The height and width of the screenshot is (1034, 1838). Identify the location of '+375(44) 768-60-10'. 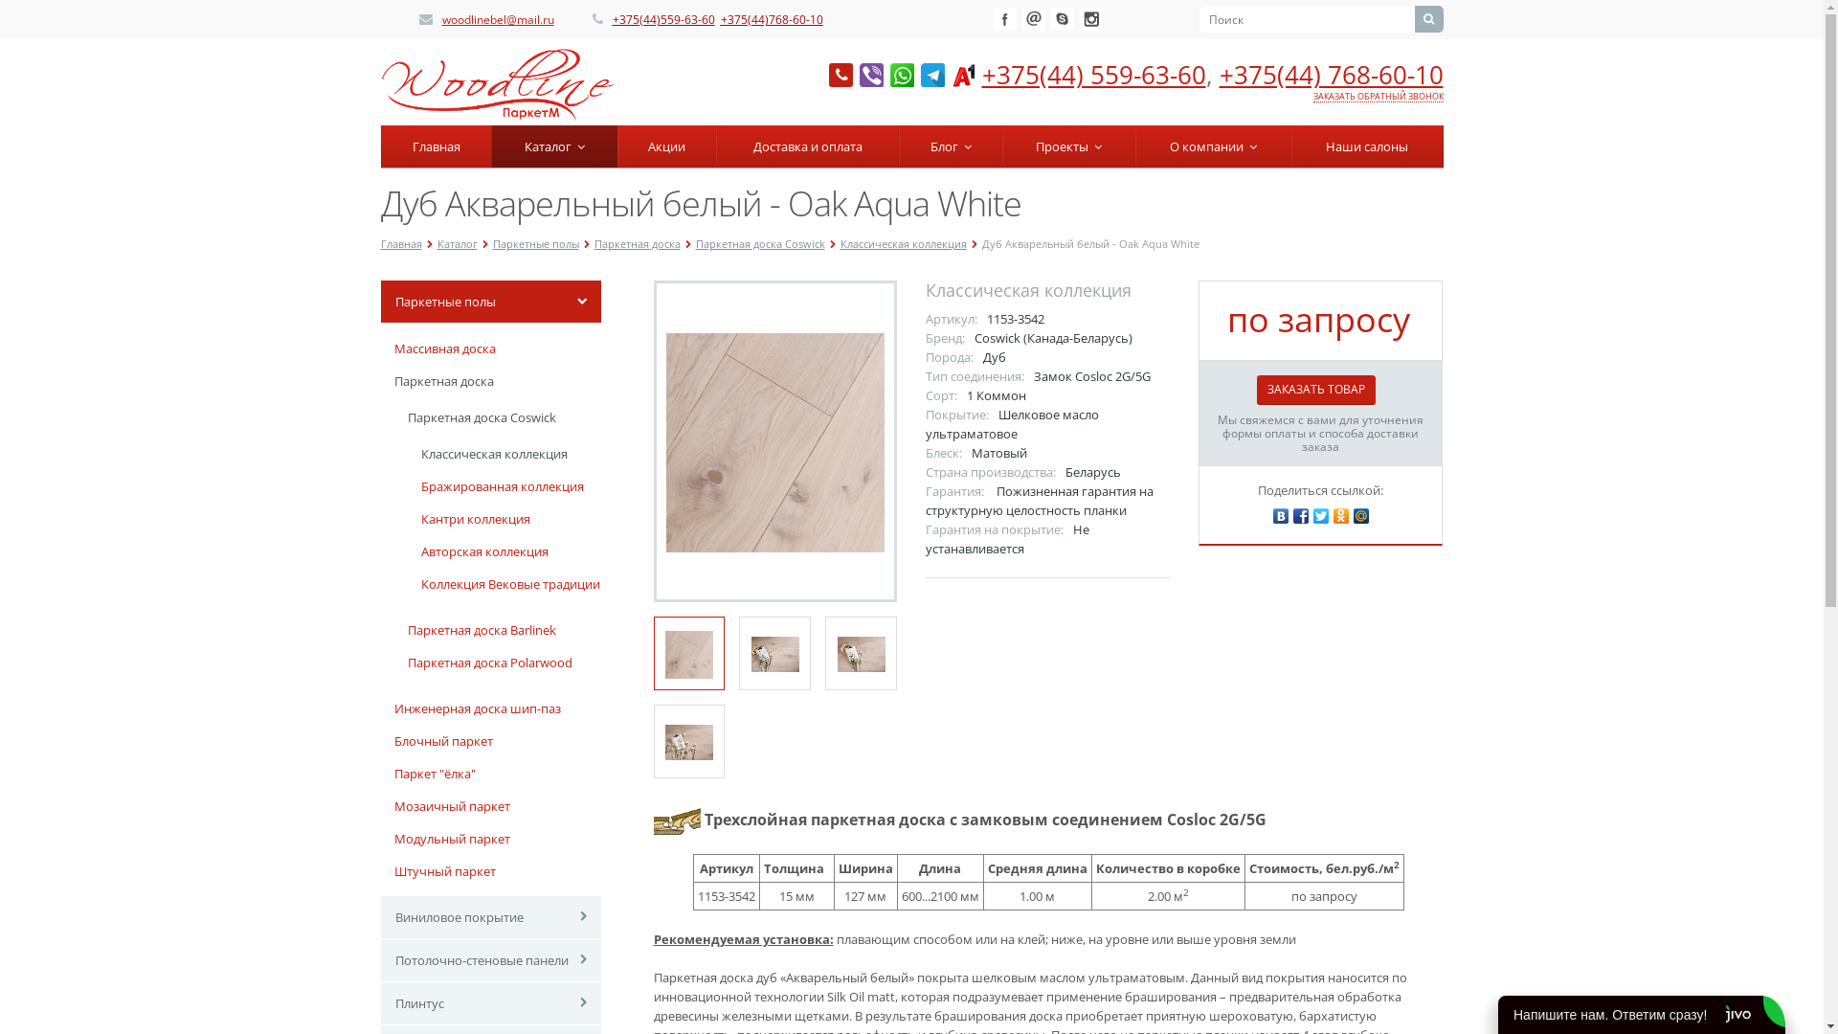
(1331, 73).